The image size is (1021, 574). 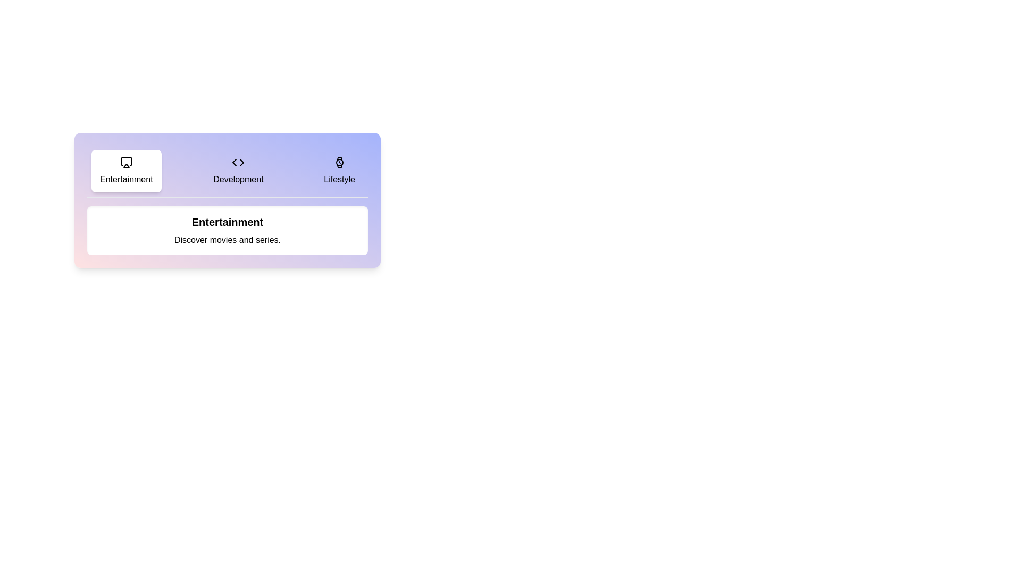 I want to click on the Development tab to observe the content change, so click(x=237, y=170).